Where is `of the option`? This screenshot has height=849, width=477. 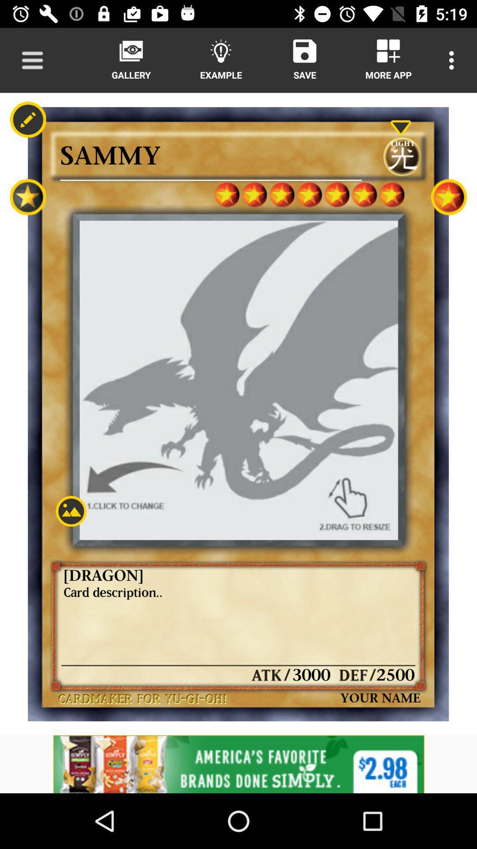 of the option is located at coordinates (238, 764).